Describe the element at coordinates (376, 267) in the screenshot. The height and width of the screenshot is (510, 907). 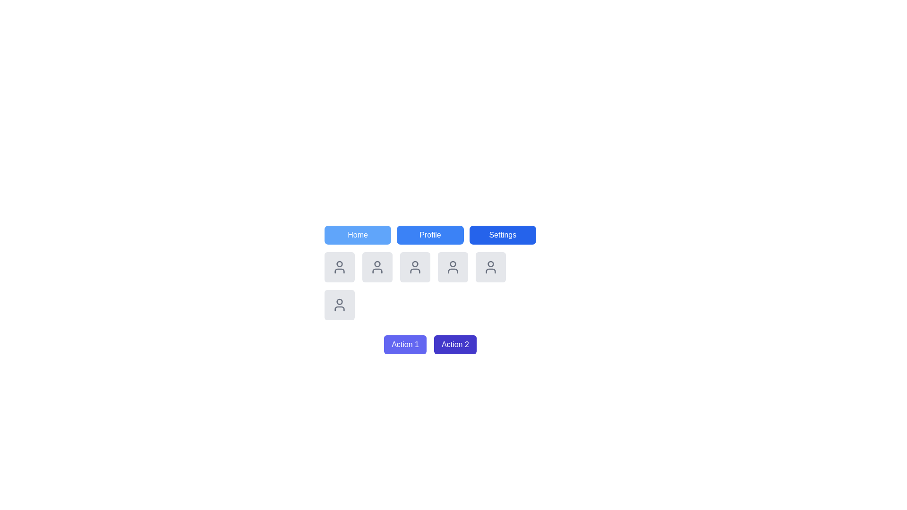
I see `the user profile icon, which is the third icon from the left in the second row under the navigation bar` at that location.